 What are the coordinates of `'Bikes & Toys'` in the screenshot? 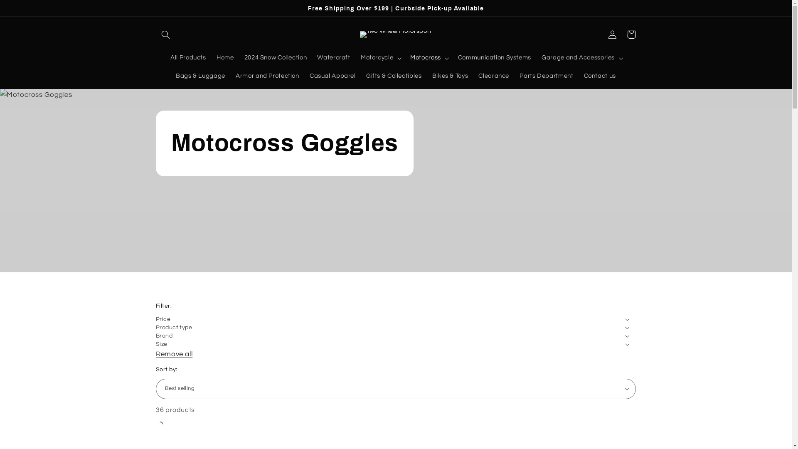 It's located at (450, 76).